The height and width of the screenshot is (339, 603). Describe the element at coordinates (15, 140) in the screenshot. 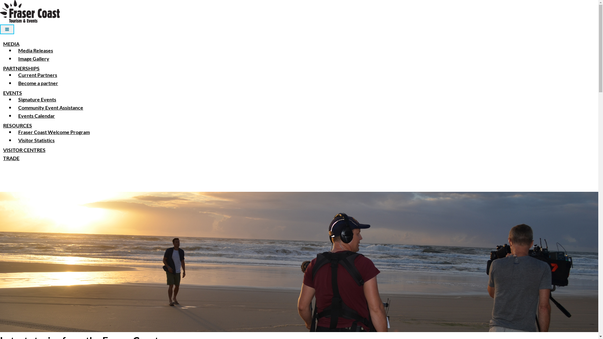

I see `'Visitor Statistics'` at that location.